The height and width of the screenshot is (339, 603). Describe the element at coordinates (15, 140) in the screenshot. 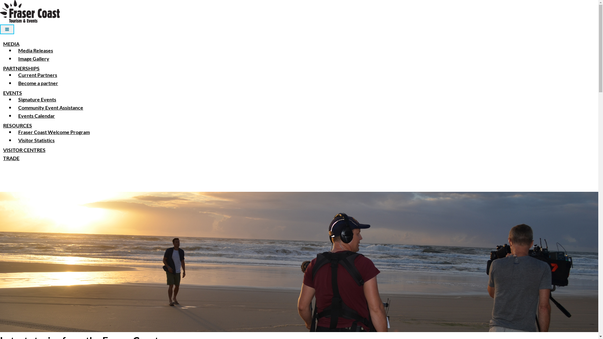

I see `'Visitor Statistics'` at that location.